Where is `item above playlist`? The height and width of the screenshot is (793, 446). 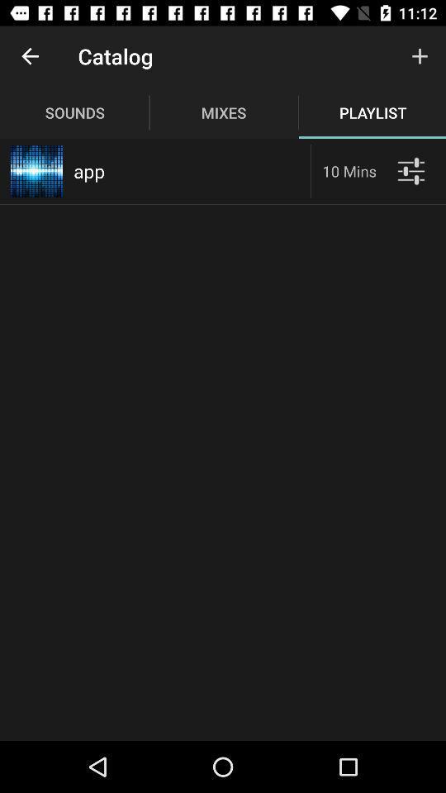
item above playlist is located at coordinates (420, 56).